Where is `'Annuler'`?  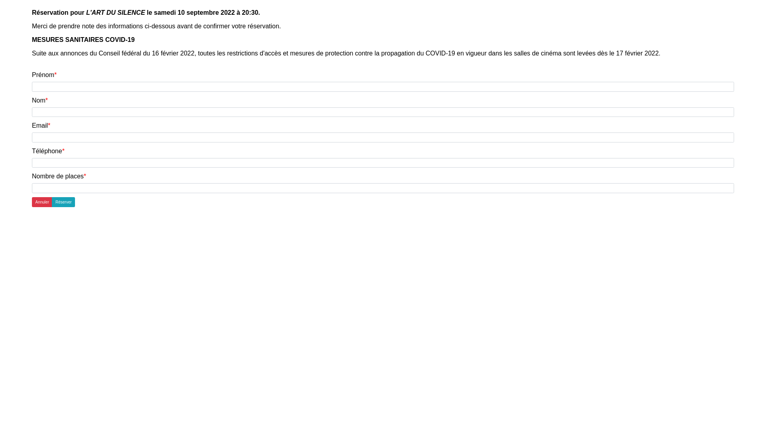
'Annuler' is located at coordinates (41, 202).